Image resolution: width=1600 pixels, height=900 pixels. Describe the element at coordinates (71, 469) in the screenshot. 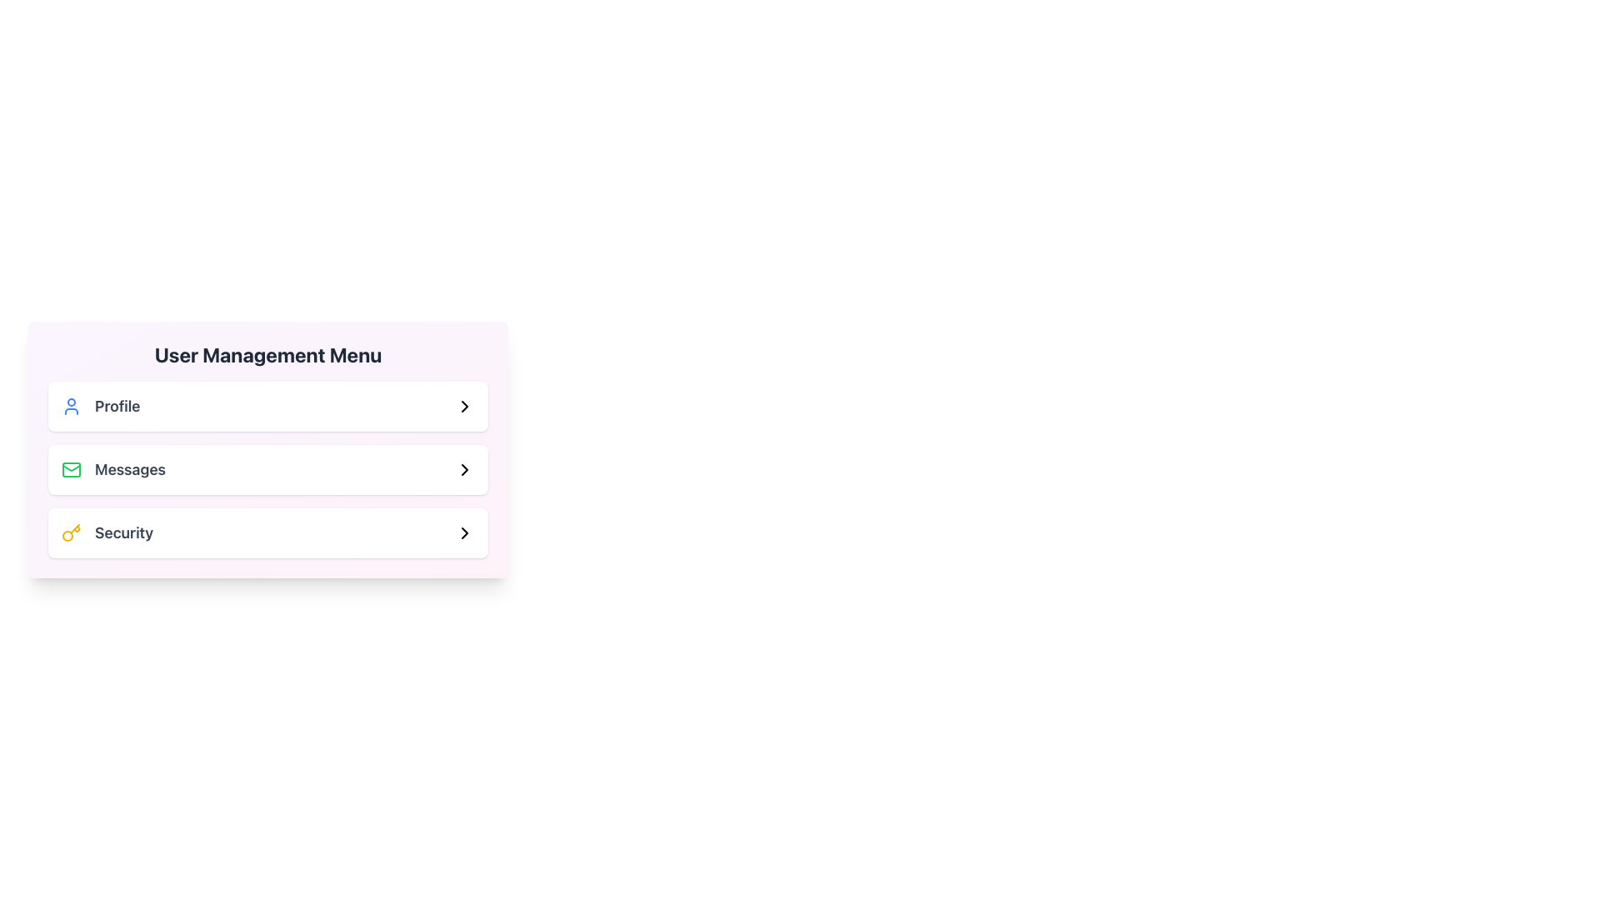

I see `the green outlined envelope icon located next to the 'Messages' label in the User Management Menu interface` at that location.